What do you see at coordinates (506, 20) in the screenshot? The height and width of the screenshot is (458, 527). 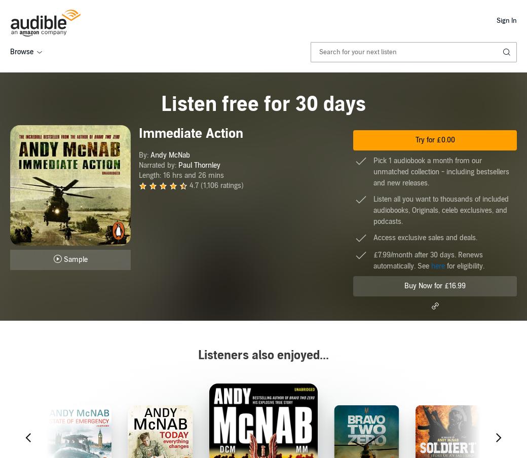 I see `'Sign In'` at bounding box center [506, 20].